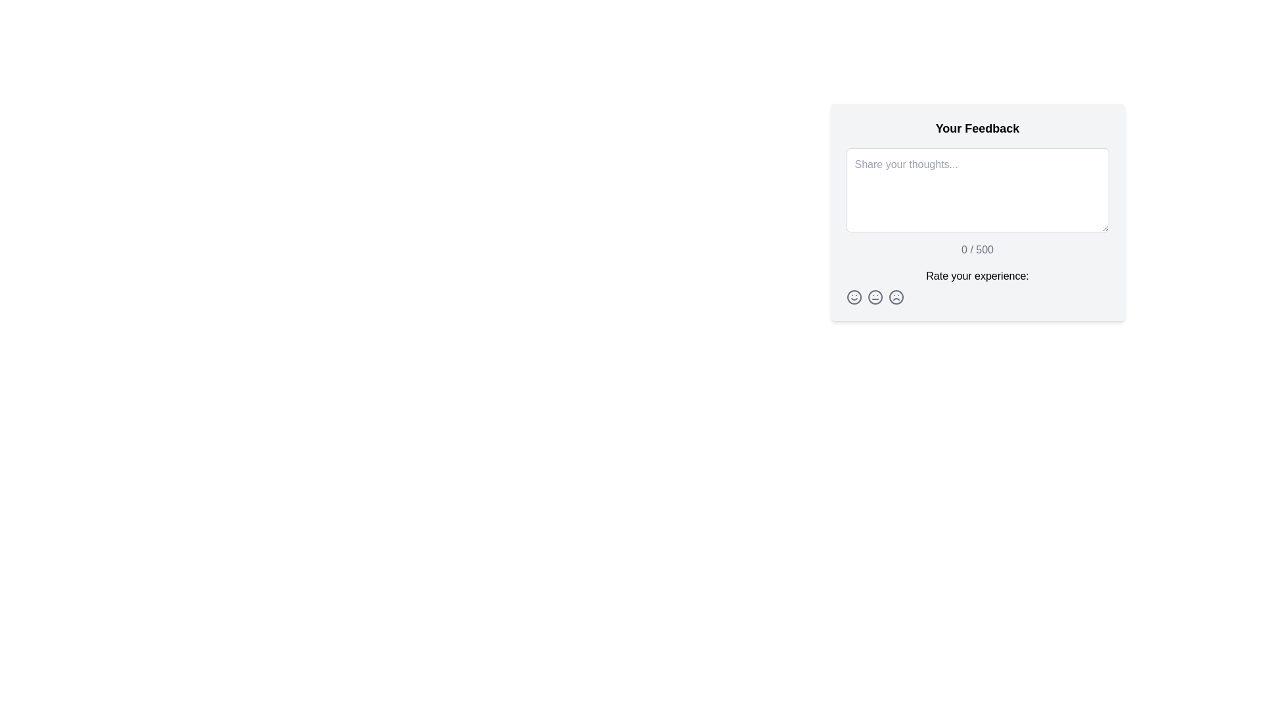 Image resolution: width=1261 pixels, height=709 pixels. What do you see at coordinates (854, 297) in the screenshot?
I see `properties of the Circular SVG shape that is part of a smiley icon located at the bottom-left of the feedback area` at bounding box center [854, 297].